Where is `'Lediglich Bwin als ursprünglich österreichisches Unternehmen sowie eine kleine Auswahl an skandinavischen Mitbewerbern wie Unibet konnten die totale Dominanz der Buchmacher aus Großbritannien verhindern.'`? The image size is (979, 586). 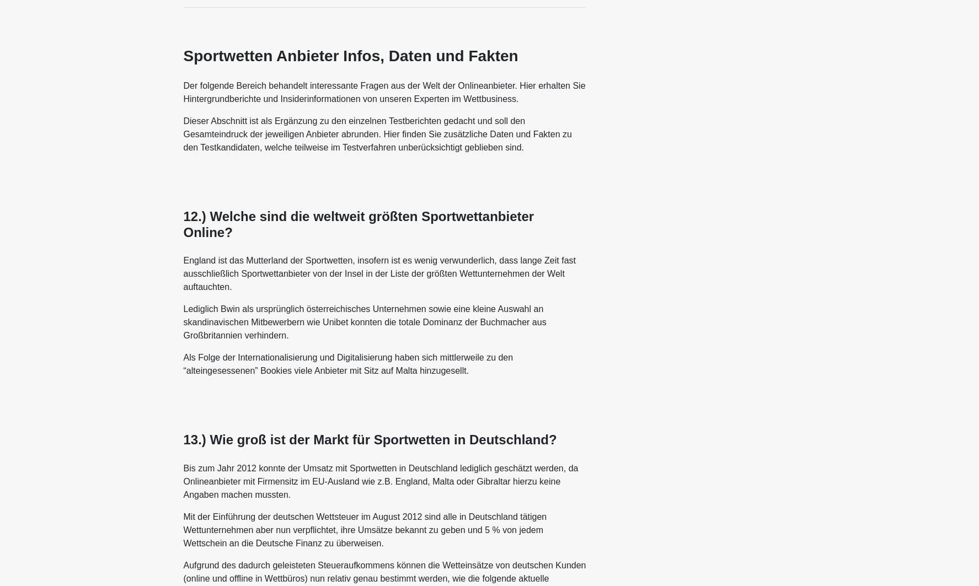 'Lediglich Bwin als ursprünglich österreichisches Unternehmen sowie eine kleine Auswahl an skandinavischen Mitbewerbern wie Unibet konnten die totale Dominanz der Buchmacher aus Großbritannien verhindern.' is located at coordinates (364, 321).